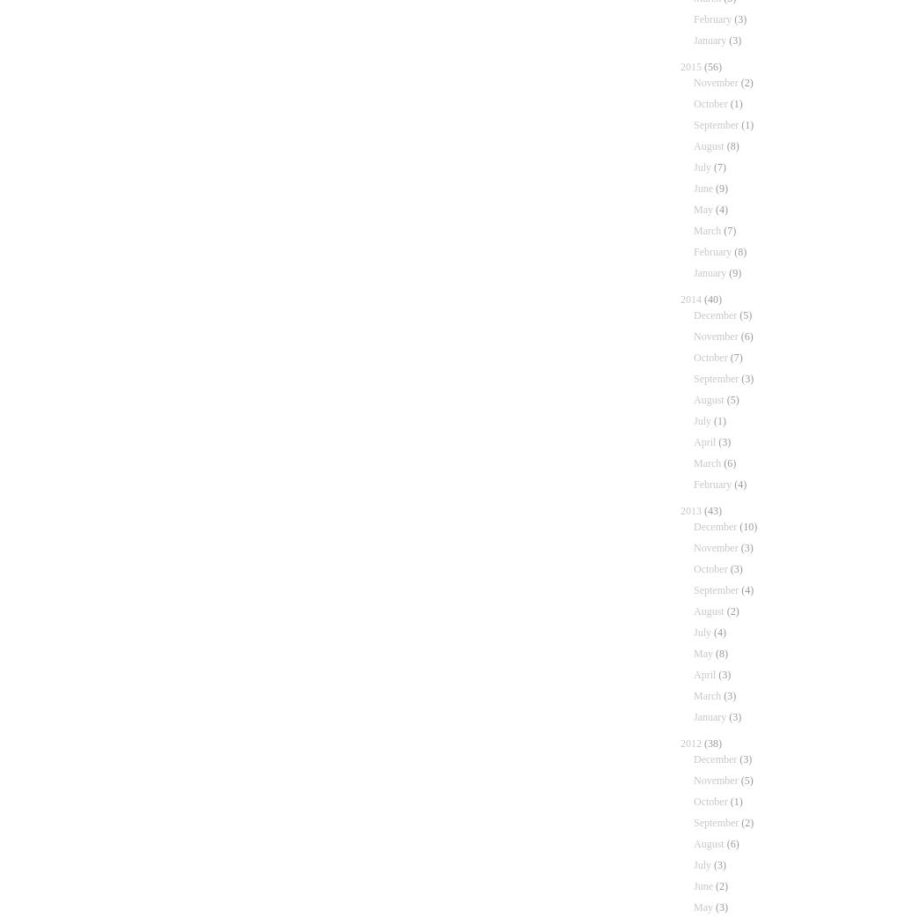 This screenshot has width=905, height=918. I want to click on '2014', so click(680, 300).